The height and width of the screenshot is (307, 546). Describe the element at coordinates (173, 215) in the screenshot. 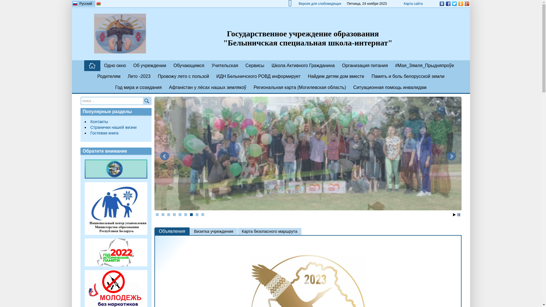

I see `'4'` at that location.